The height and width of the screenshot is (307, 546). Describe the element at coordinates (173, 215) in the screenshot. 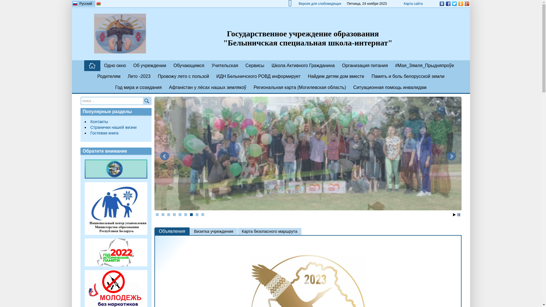

I see `'4'` at that location.